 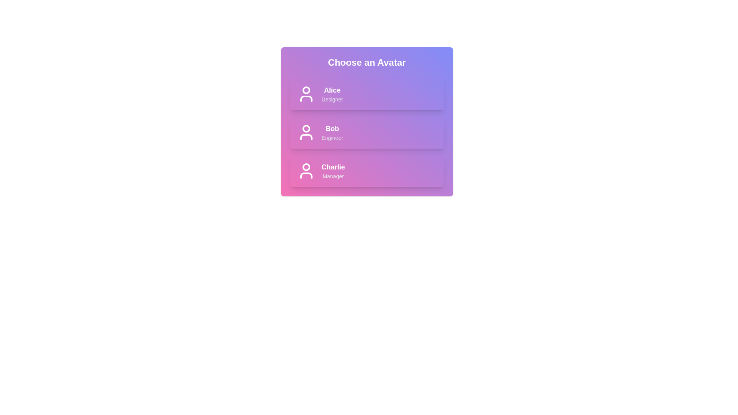 What do you see at coordinates (306, 90) in the screenshot?
I see `the circular graphic element representing the head in the user icon located above the text 'Alice' in the user selection box` at bounding box center [306, 90].